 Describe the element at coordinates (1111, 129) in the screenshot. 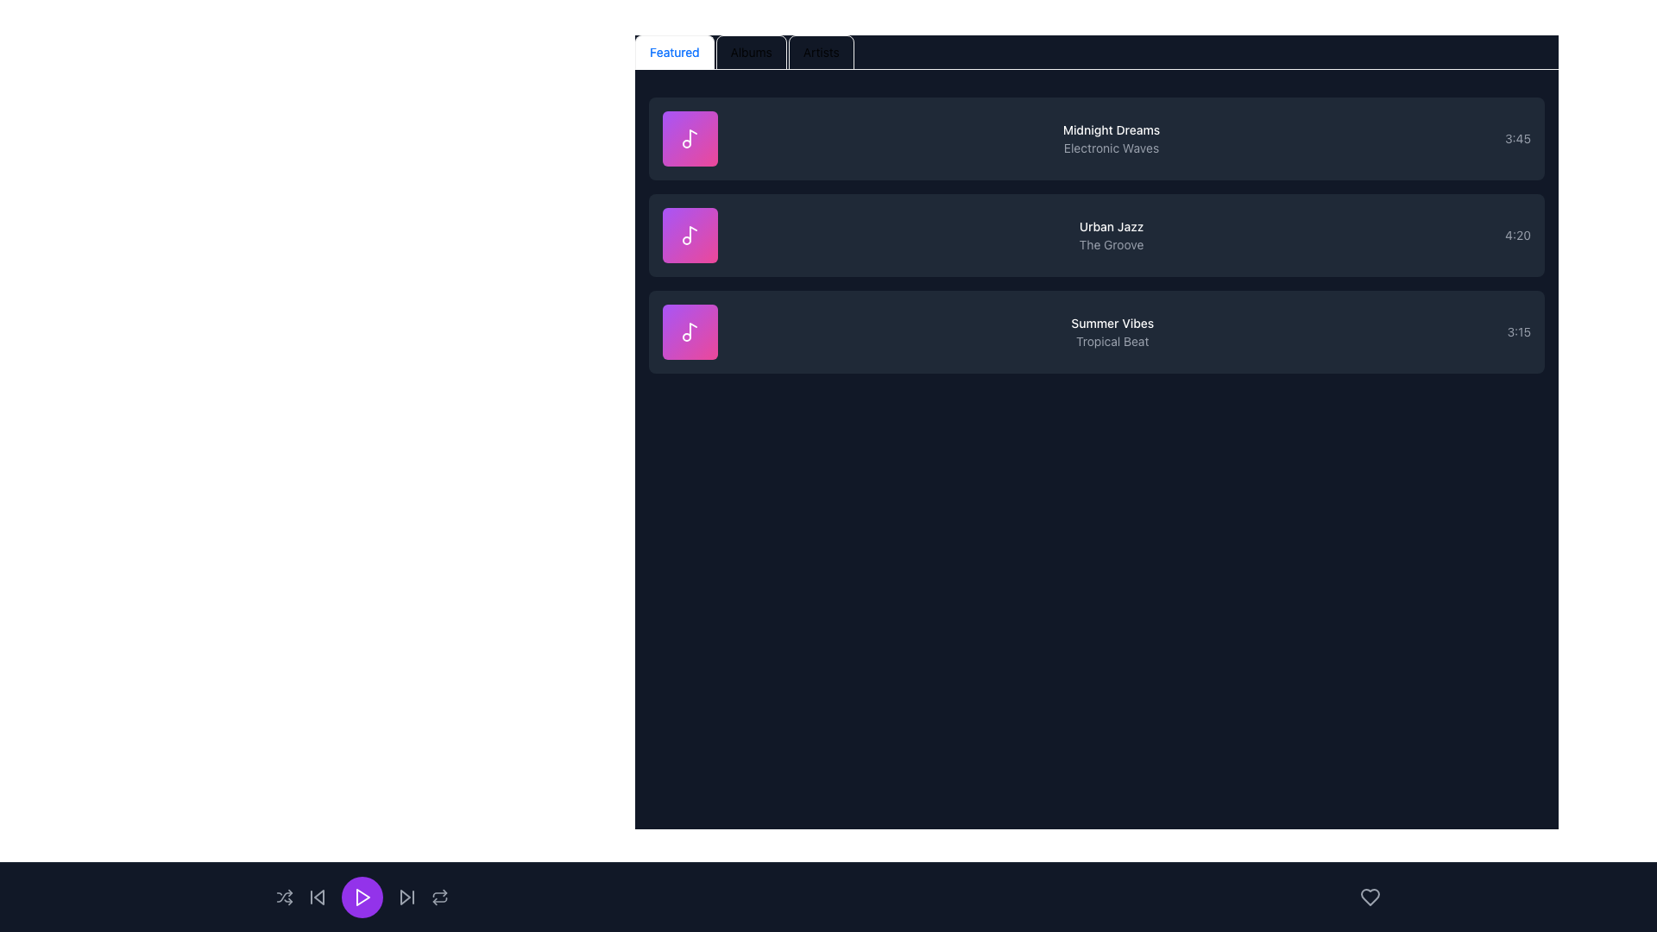

I see `to select the text label that serves as the title for the first list item, positioned above the subtitle 'Electronic Waves'` at that location.